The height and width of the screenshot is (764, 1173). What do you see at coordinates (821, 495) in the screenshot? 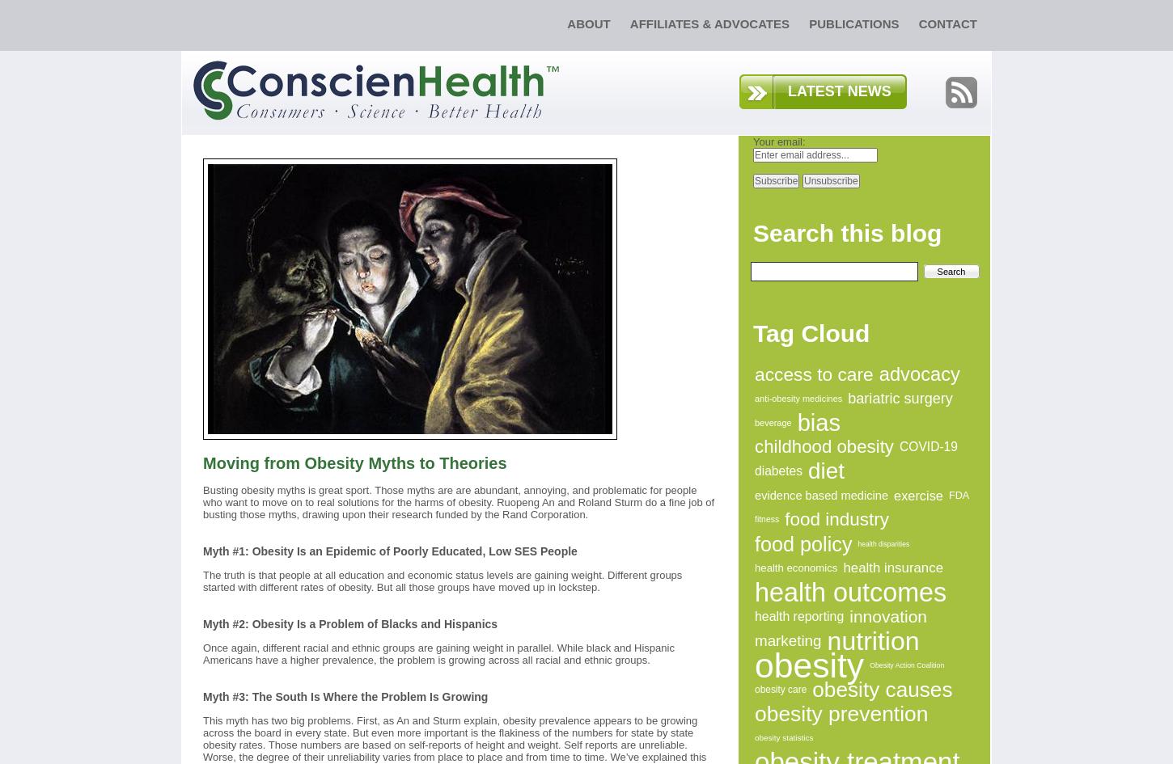
I see `'evidence based medicine'` at bounding box center [821, 495].